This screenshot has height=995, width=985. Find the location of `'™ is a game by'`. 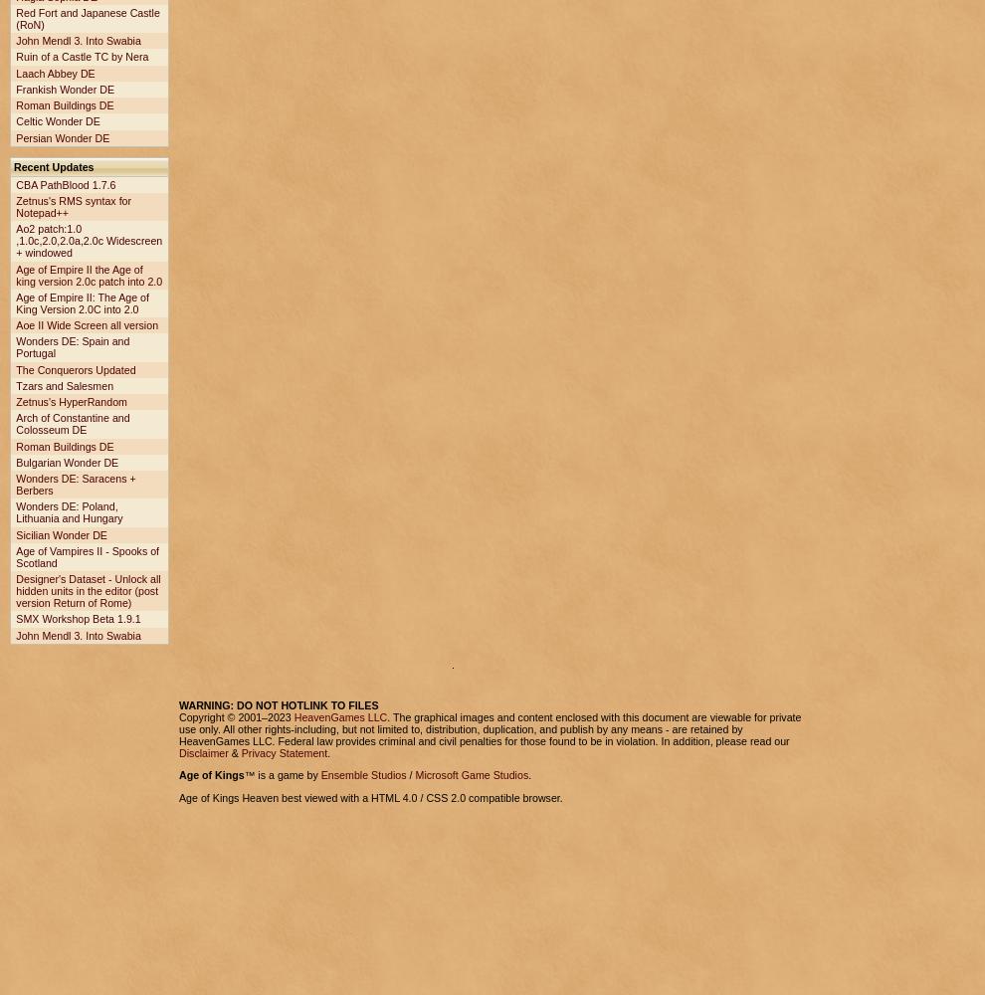

'™ is a game by' is located at coordinates (282, 775).